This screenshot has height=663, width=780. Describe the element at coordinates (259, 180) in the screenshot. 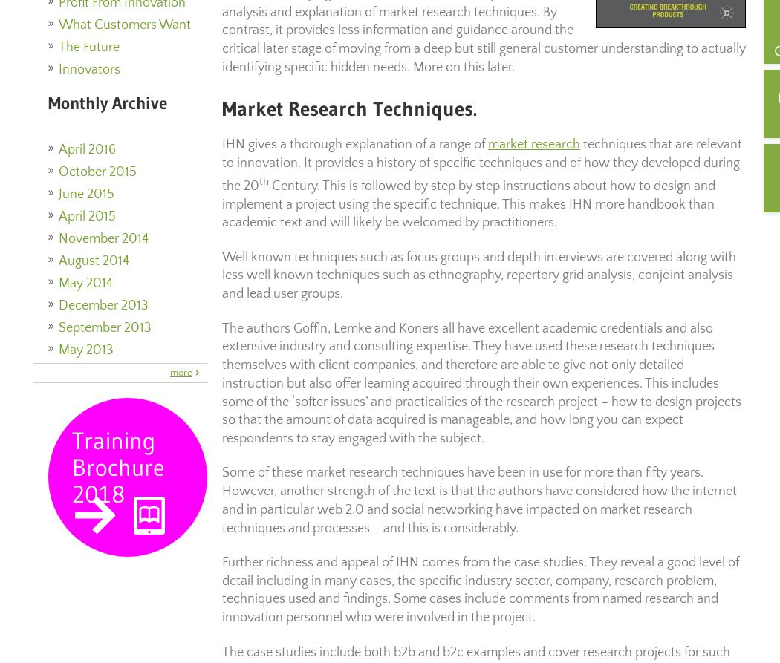

I see `'th'` at that location.